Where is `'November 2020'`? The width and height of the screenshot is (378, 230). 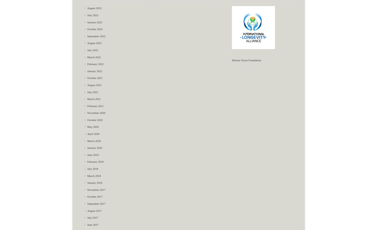 'November 2020' is located at coordinates (96, 112).